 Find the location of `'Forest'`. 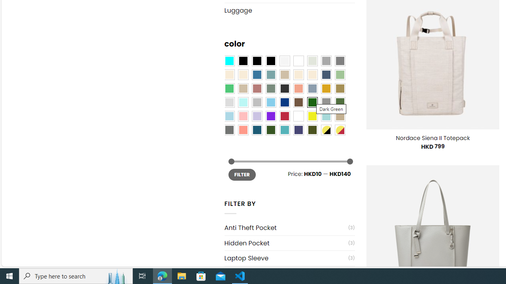

'Forest' is located at coordinates (270, 129).